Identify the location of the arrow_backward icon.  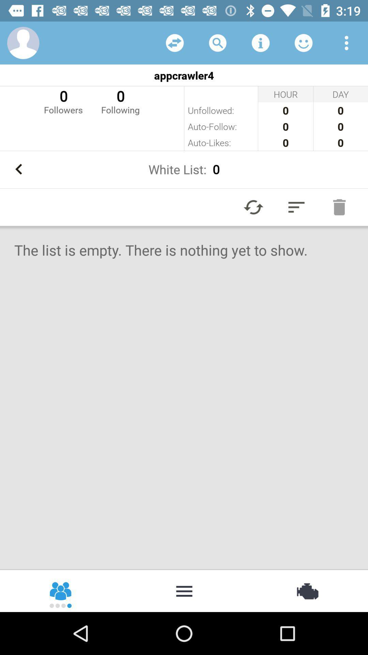
(18, 169).